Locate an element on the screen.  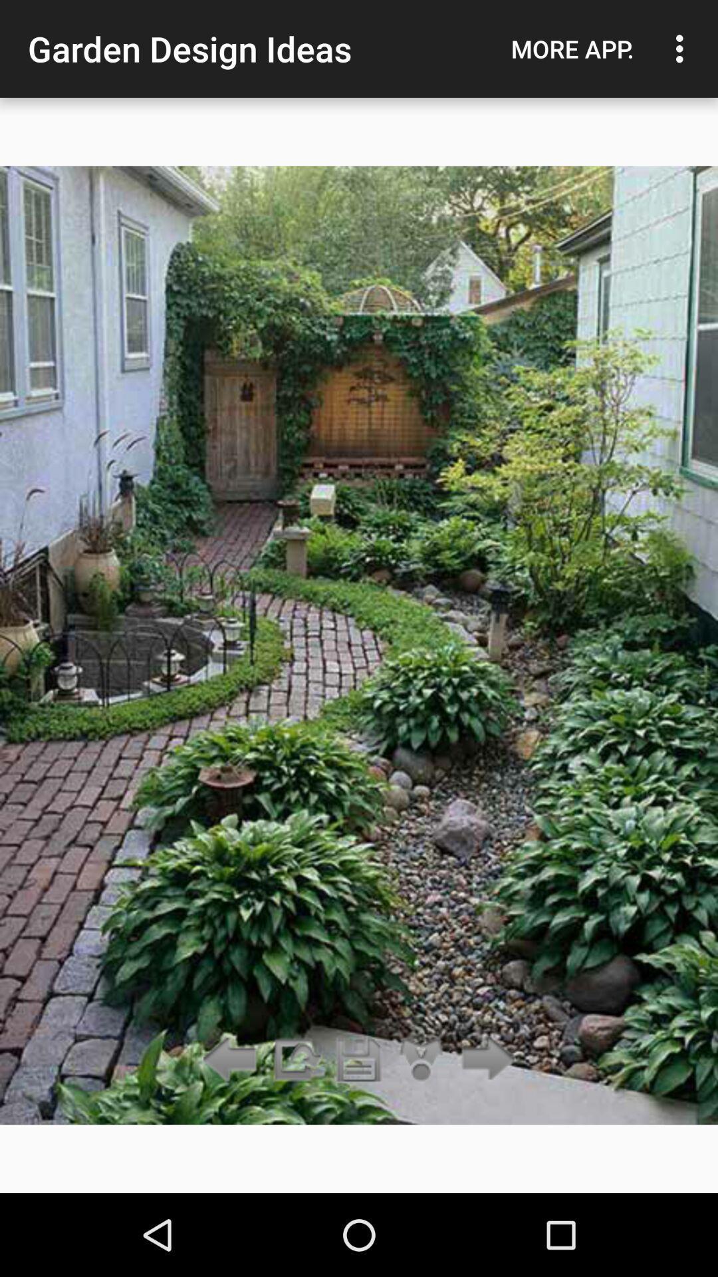
item to the right of garden design ideas is located at coordinates (572, 49).